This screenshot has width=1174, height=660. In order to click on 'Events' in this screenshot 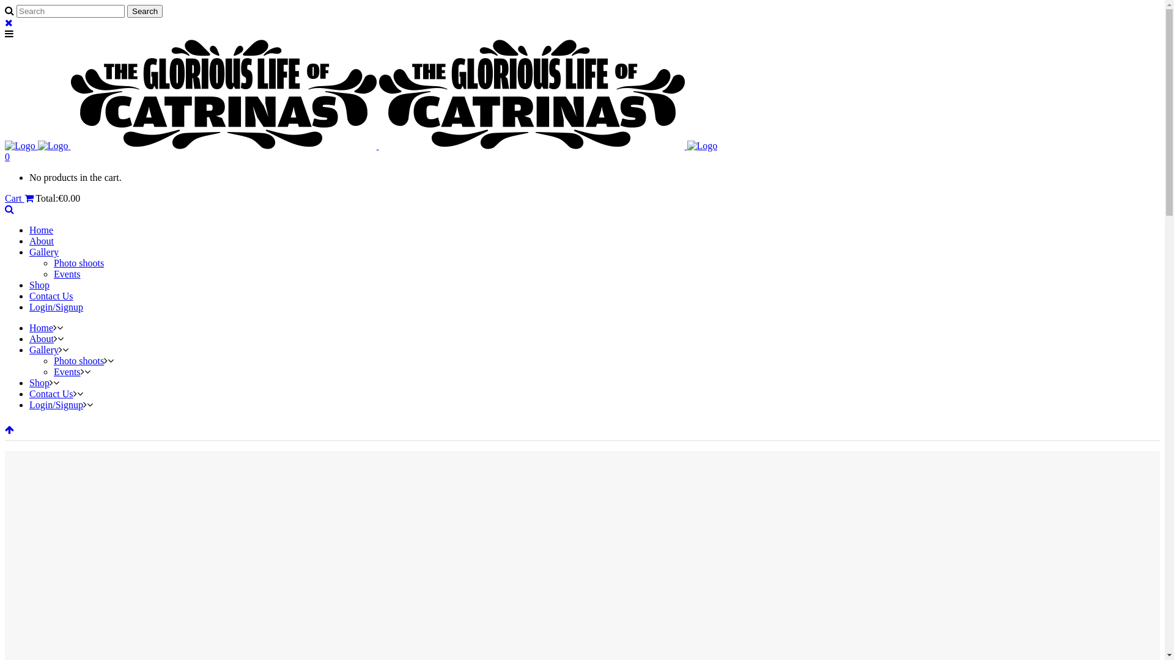, I will do `click(53, 273)`.